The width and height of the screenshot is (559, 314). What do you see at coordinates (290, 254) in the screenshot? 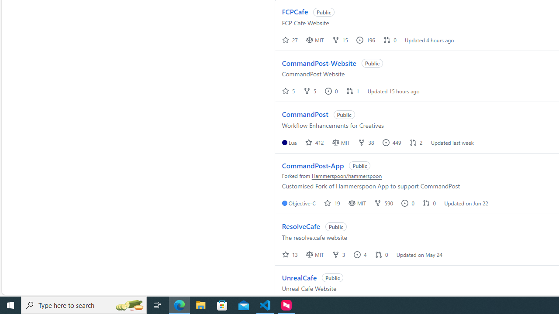
I see `' 13 '` at bounding box center [290, 254].